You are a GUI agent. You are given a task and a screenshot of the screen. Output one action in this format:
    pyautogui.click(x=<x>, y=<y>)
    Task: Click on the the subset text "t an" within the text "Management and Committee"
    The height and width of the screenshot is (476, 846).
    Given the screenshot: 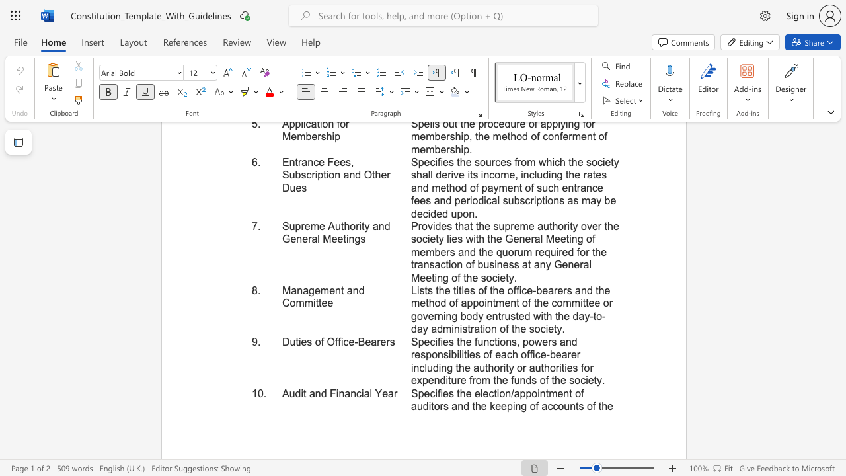 What is the action you would take?
    pyautogui.click(x=340, y=290)
    